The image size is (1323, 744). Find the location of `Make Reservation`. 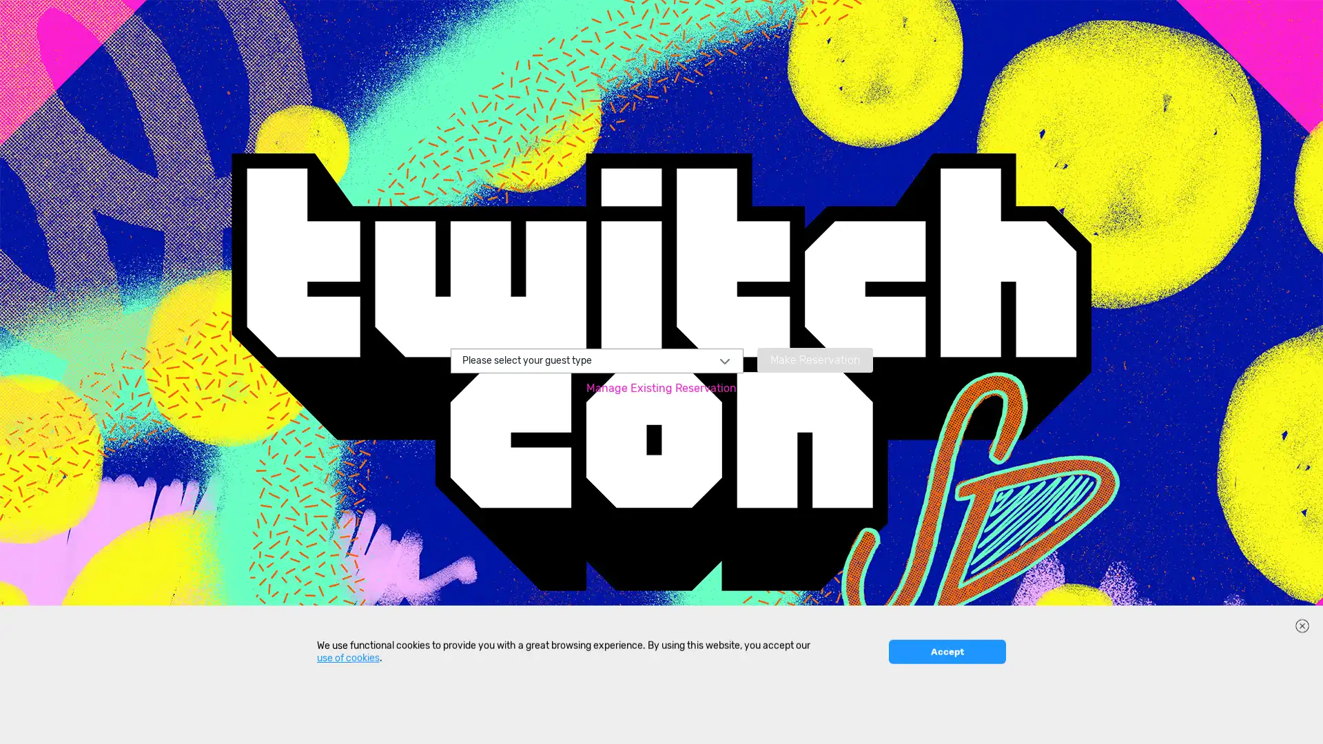

Make Reservation is located at coordinates (814, 358).